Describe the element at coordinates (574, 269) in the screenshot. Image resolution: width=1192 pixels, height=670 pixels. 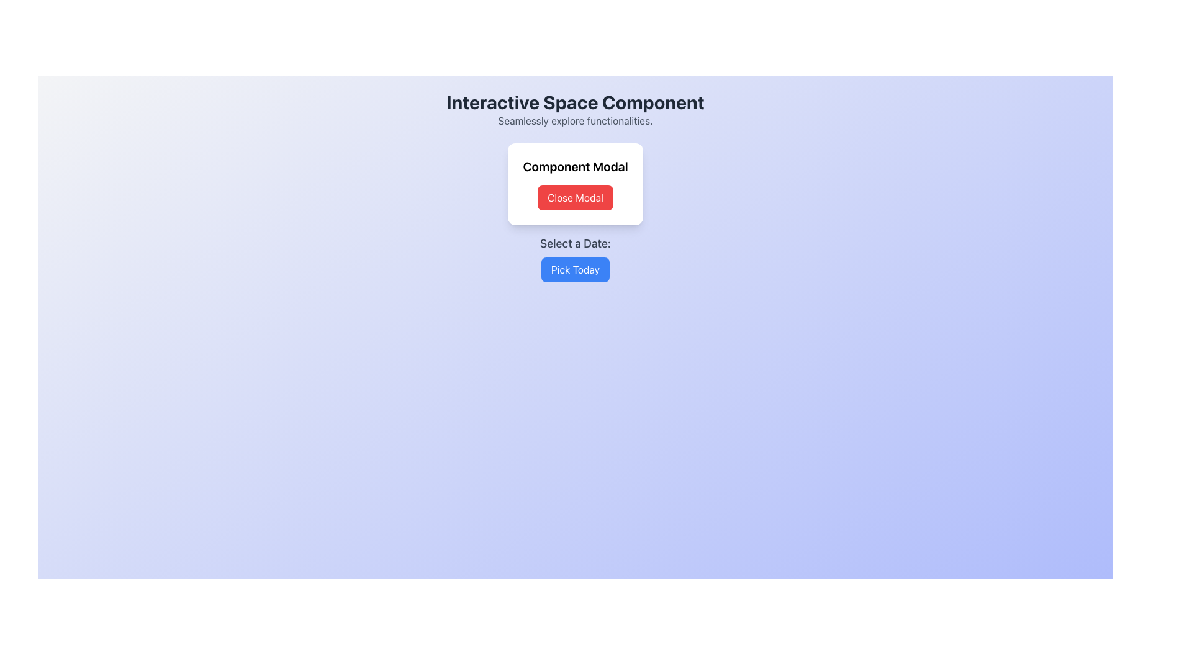
I see `the rectangular blue button labeled 'Pick Today' below the 'Select a Date:' label` at that location.